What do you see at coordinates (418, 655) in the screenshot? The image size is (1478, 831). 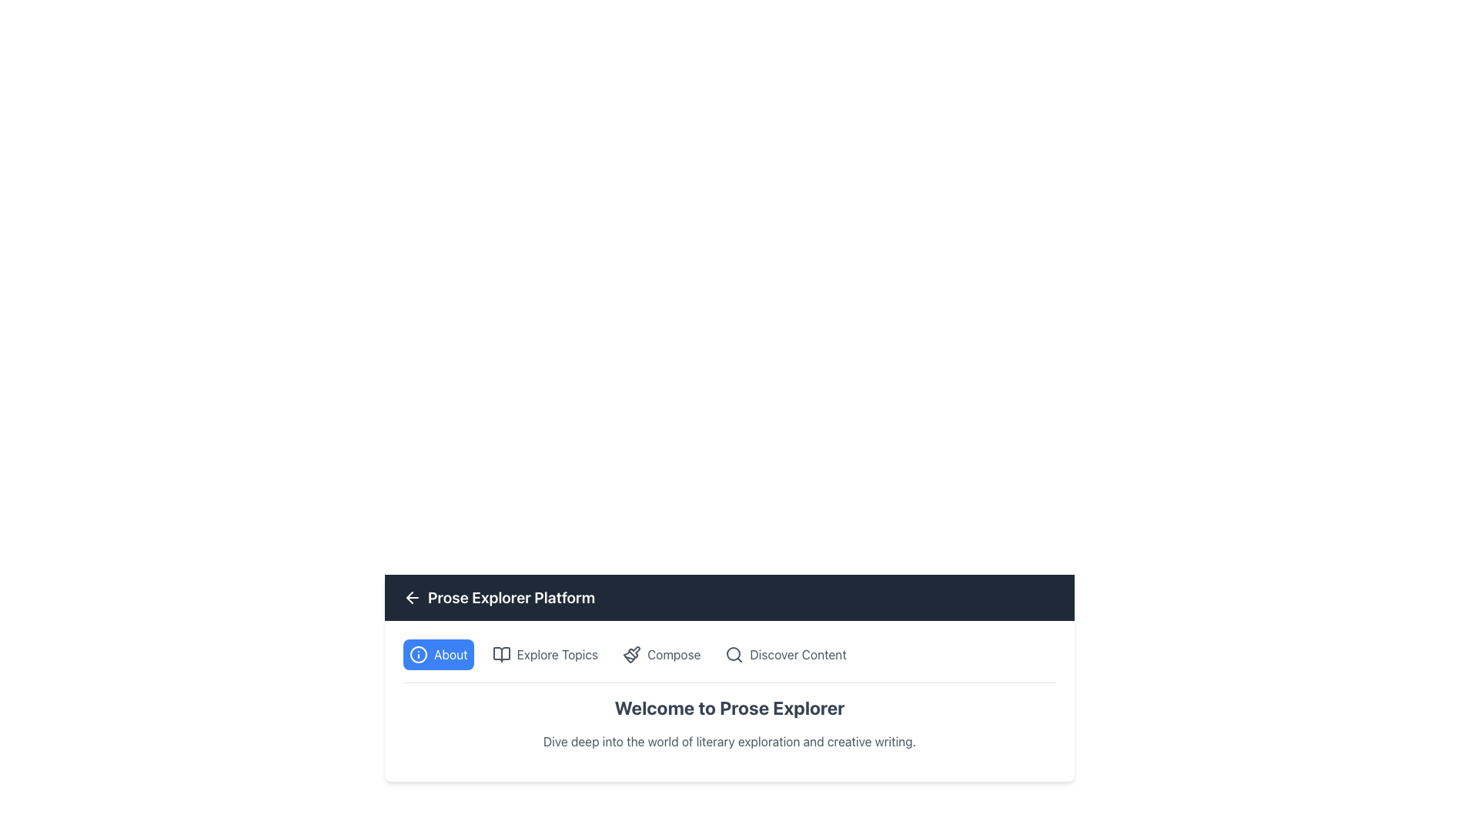 I see `the 'About' section icon, which is a circle located in the center of the leftmost button in the toolbar at the top of the interface layout` at bounding box center [418, 655].